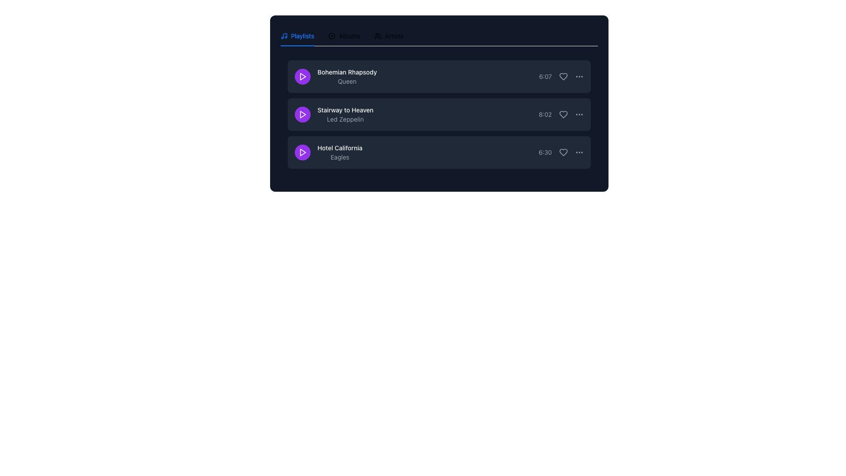 Image resolution: width=846 pixels, height=476 pixels. Describe the element at coordinates (579, 114) in the screenshot. I see `the options icon (ellipsis) located to the far right of the song 'Stairway to Heaven' in the playlist interface` at that location.